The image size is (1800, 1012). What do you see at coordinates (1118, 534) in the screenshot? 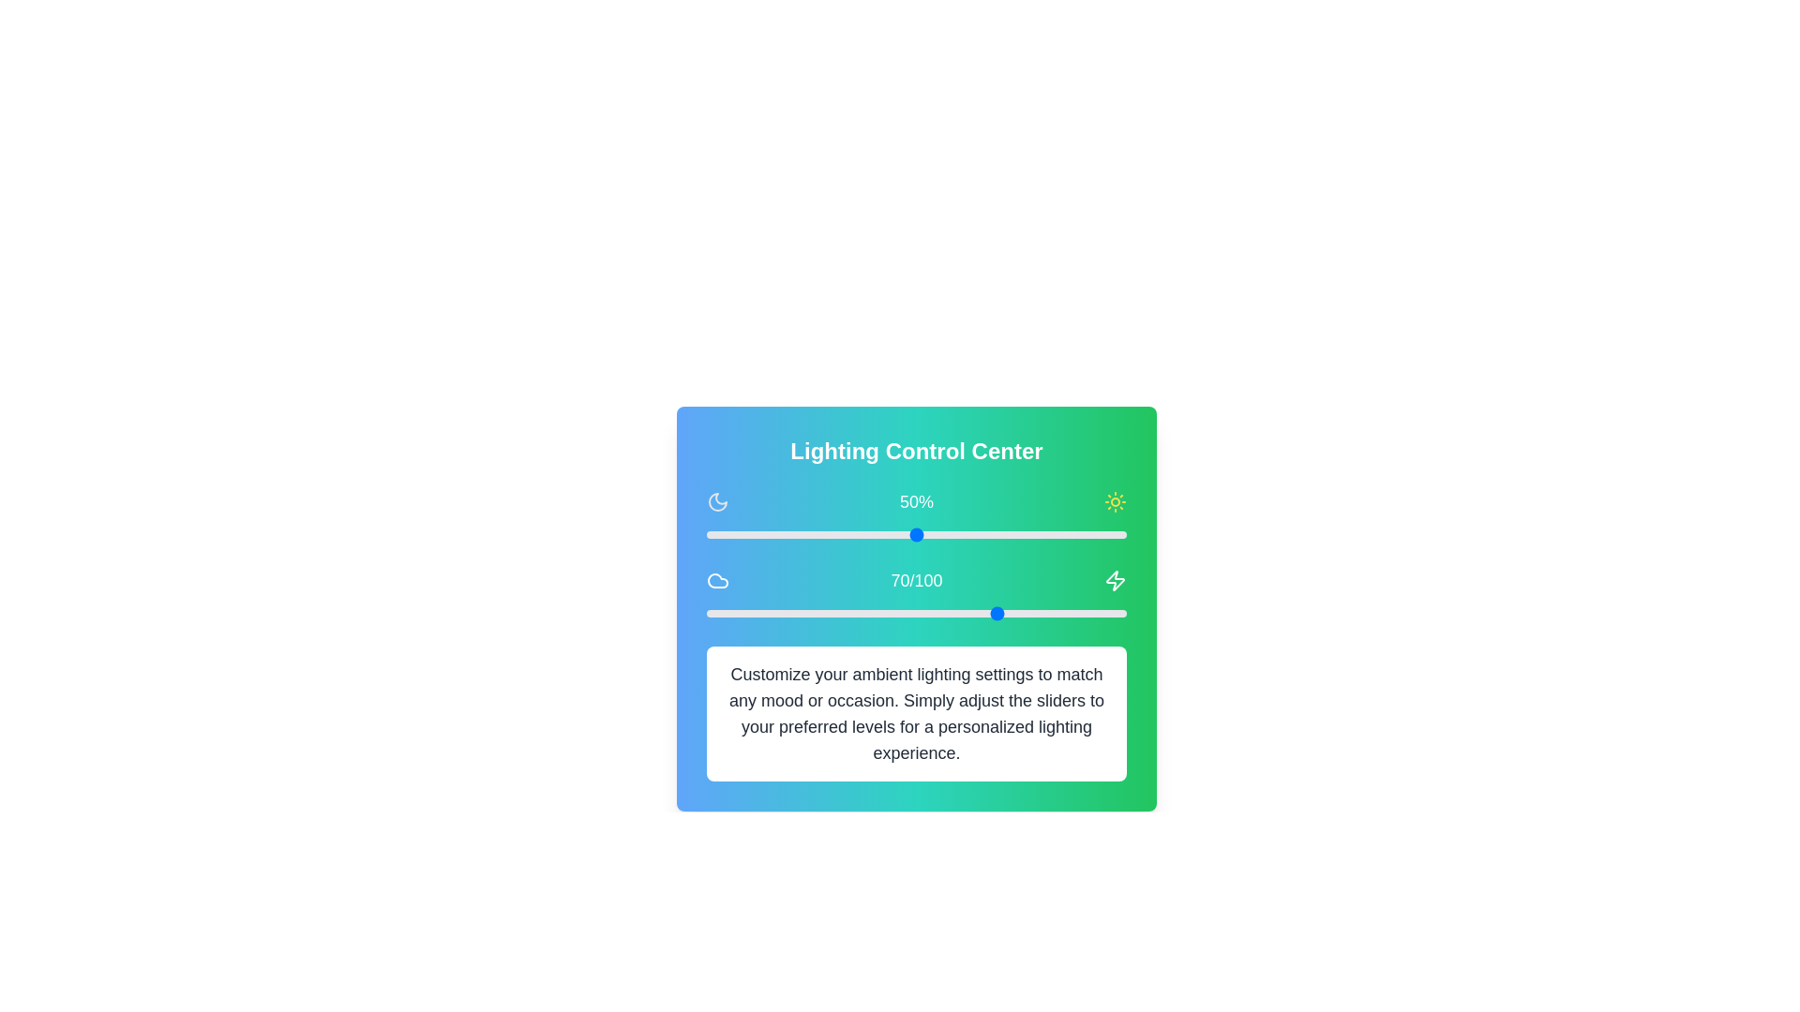
I see `the slider to set the value to 98` at bounding box center [1118, 534].